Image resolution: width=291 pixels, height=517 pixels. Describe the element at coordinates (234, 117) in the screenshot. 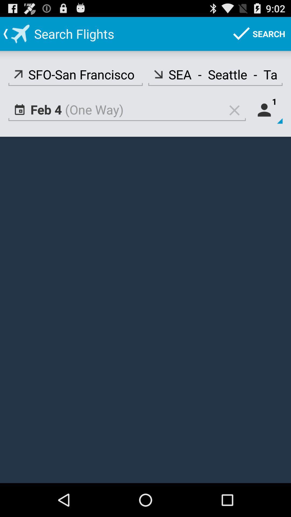

I see `the close icon` at that location.